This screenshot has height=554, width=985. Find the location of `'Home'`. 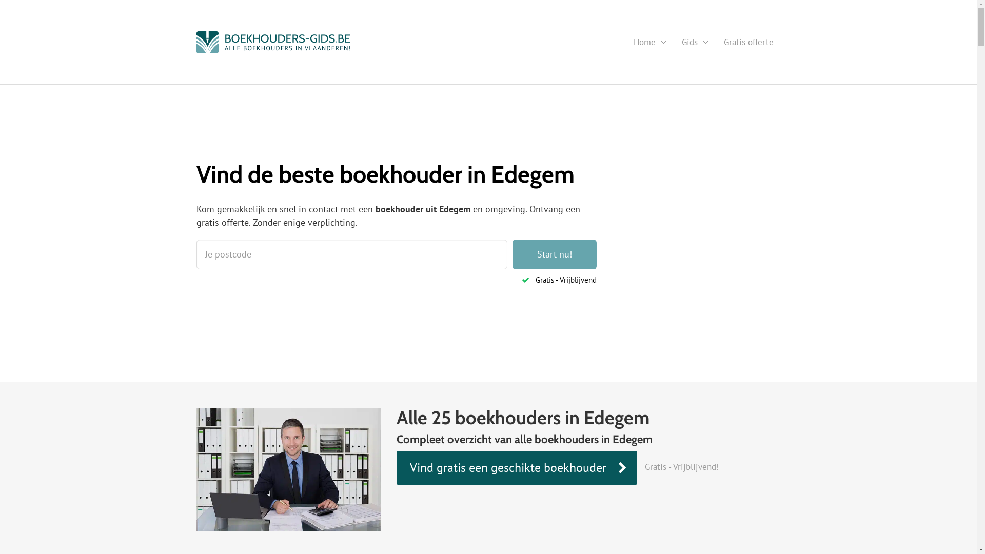

'Home' is located at coordinates (649, 41).